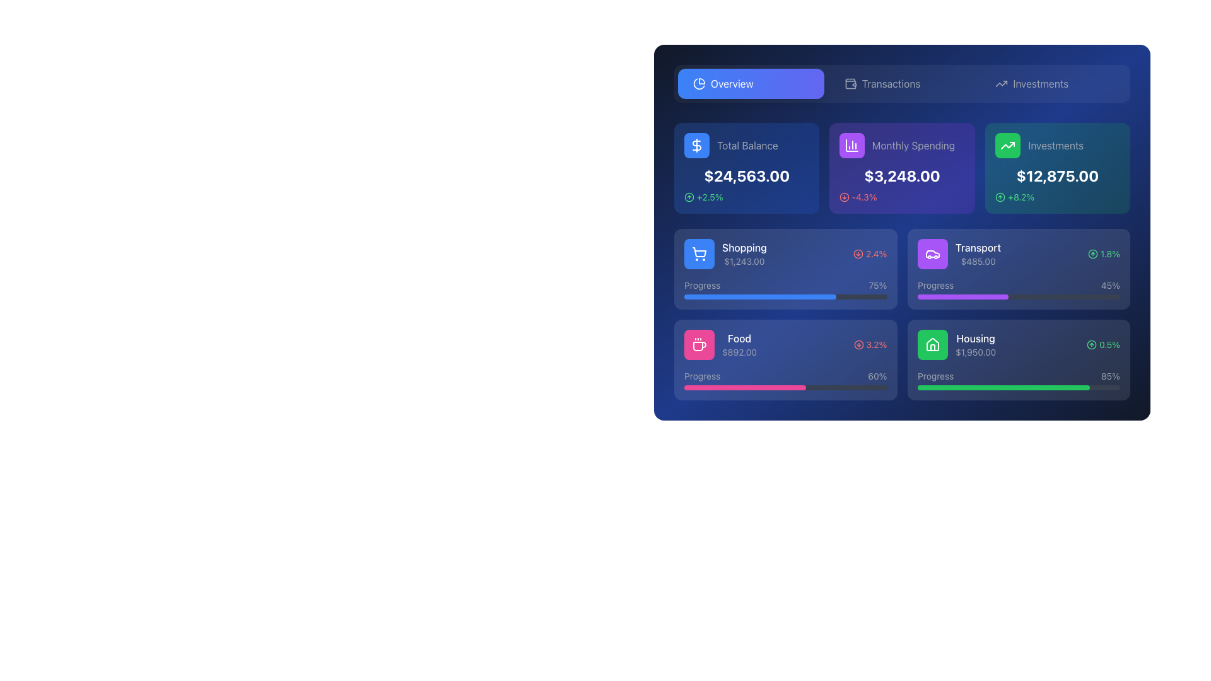 The width and height of the screenshot is (1211, 681). I want to click on the decorative 'Transactions' icon located to the immediate left of the text 'Transactions' in the header section of the navigation bar, so click(850, 83).